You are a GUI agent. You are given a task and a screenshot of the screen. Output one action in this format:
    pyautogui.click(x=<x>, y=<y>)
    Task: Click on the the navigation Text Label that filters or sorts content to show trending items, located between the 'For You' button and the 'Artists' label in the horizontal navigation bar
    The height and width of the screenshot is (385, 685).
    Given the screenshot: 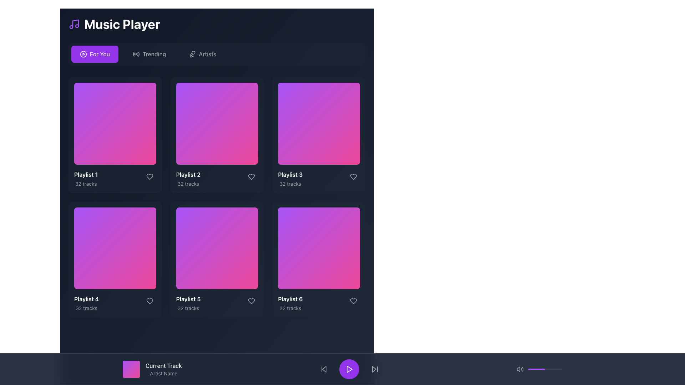 What is the action you would take?
    pyautogui.click(x=154, y=53)
    